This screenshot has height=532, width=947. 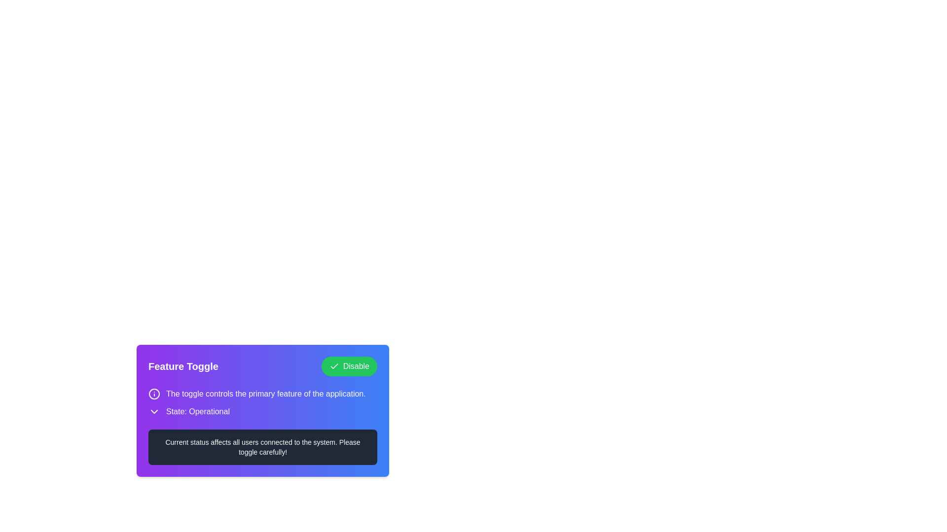 What do you see at coordinates (153, 393) in the screenshot?
I see `the circular icon with a purple background and white outline that is located to the left of the text stating 'The toggle controls the primary feature of the application.'` at bounding box center [153, 393].